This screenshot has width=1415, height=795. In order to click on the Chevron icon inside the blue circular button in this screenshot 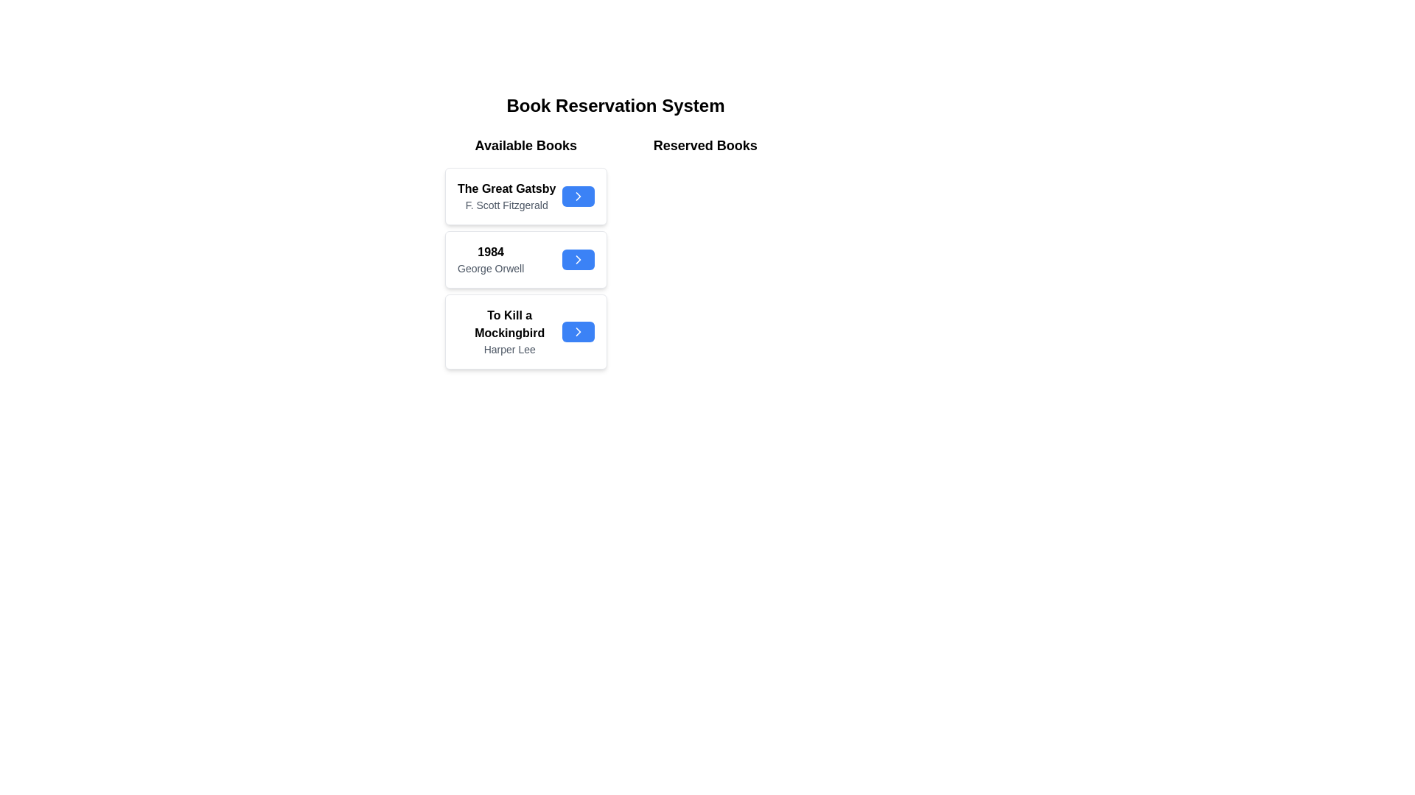, I will do `click(577, 259)`.